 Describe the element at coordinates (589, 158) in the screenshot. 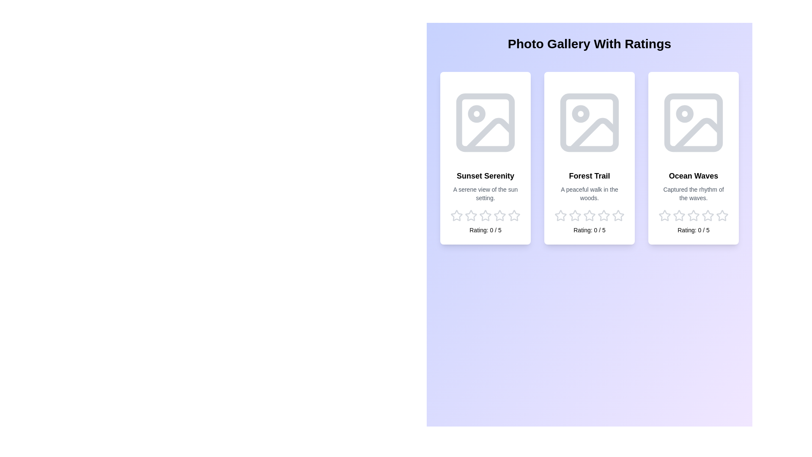

I see `the image card for Forest Trail` at that location.